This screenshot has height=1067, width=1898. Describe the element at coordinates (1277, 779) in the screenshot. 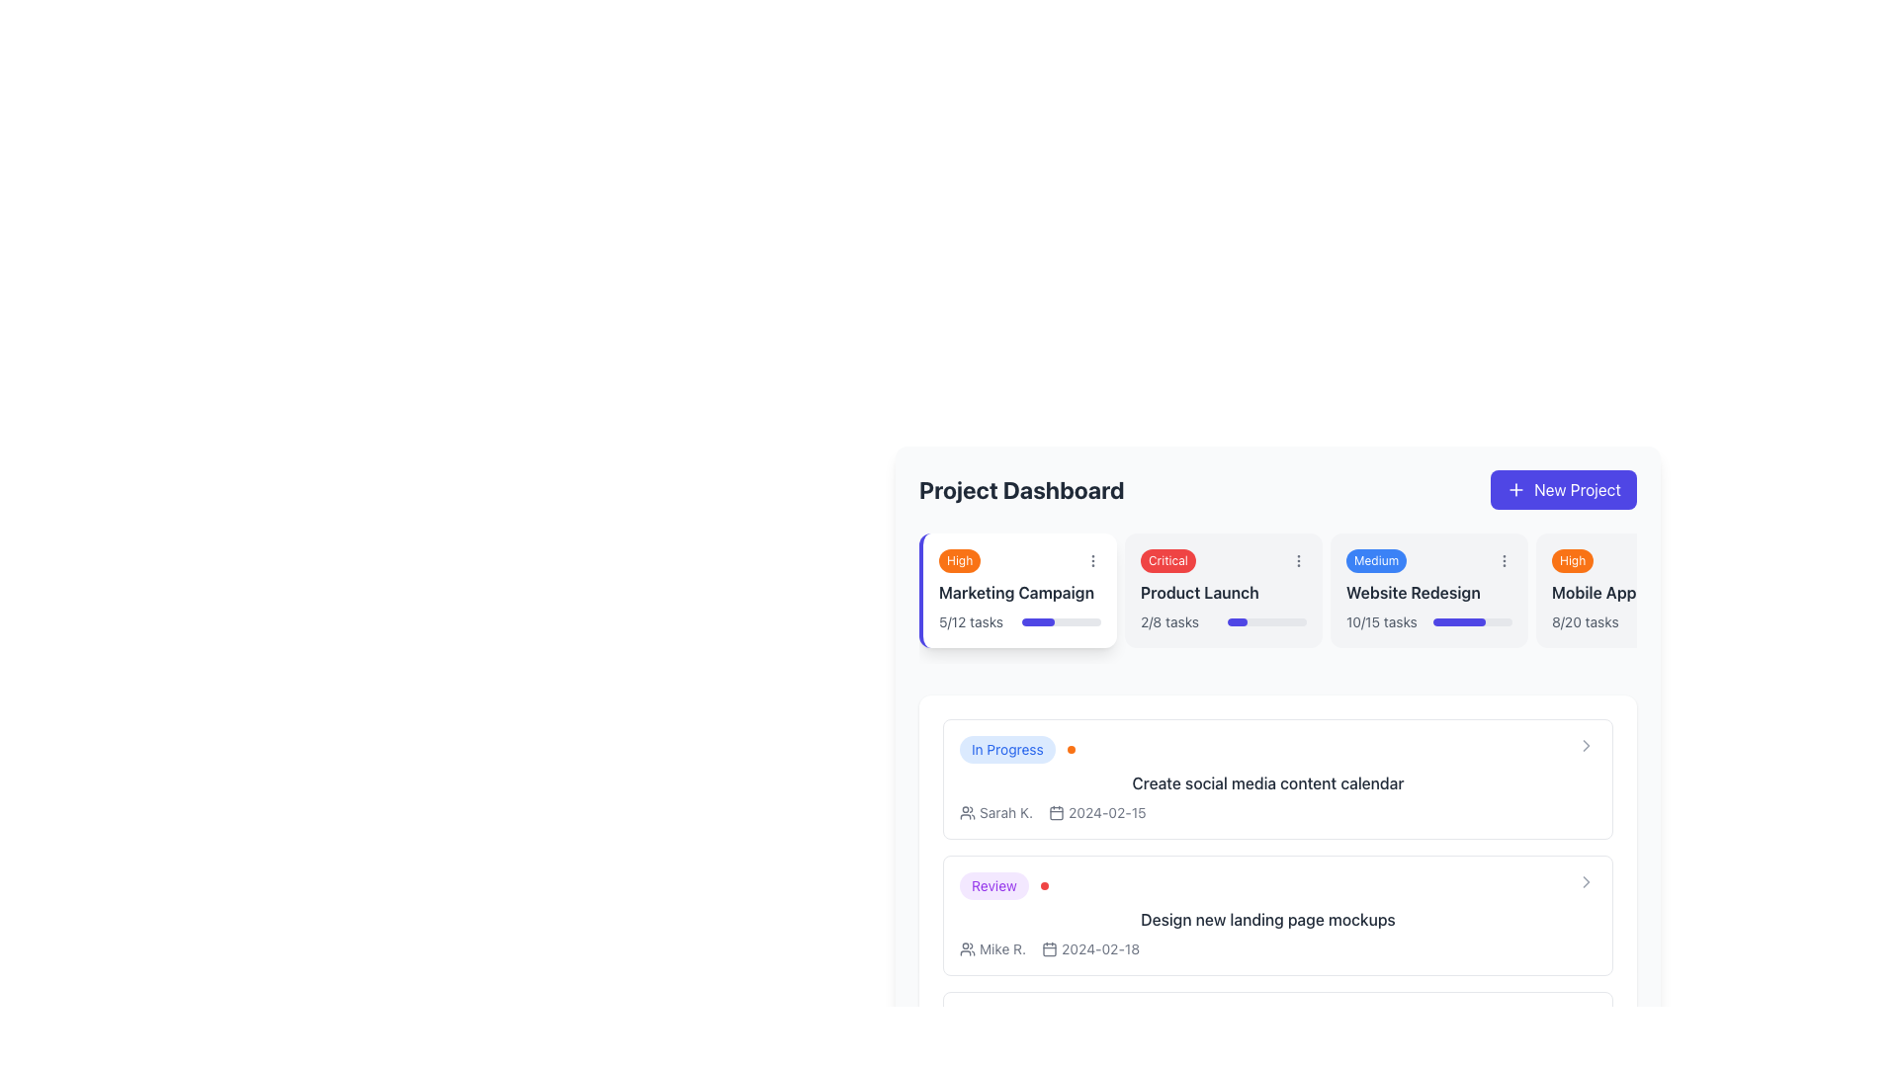

I see `the first task card in the project dashboard` at that location.